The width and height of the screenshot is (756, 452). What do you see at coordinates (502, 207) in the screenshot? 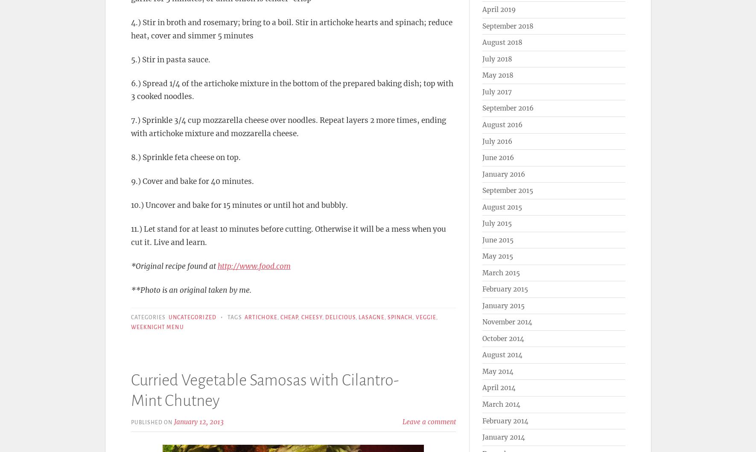
I see `'August 2015'` at bounding box center [502, 207].